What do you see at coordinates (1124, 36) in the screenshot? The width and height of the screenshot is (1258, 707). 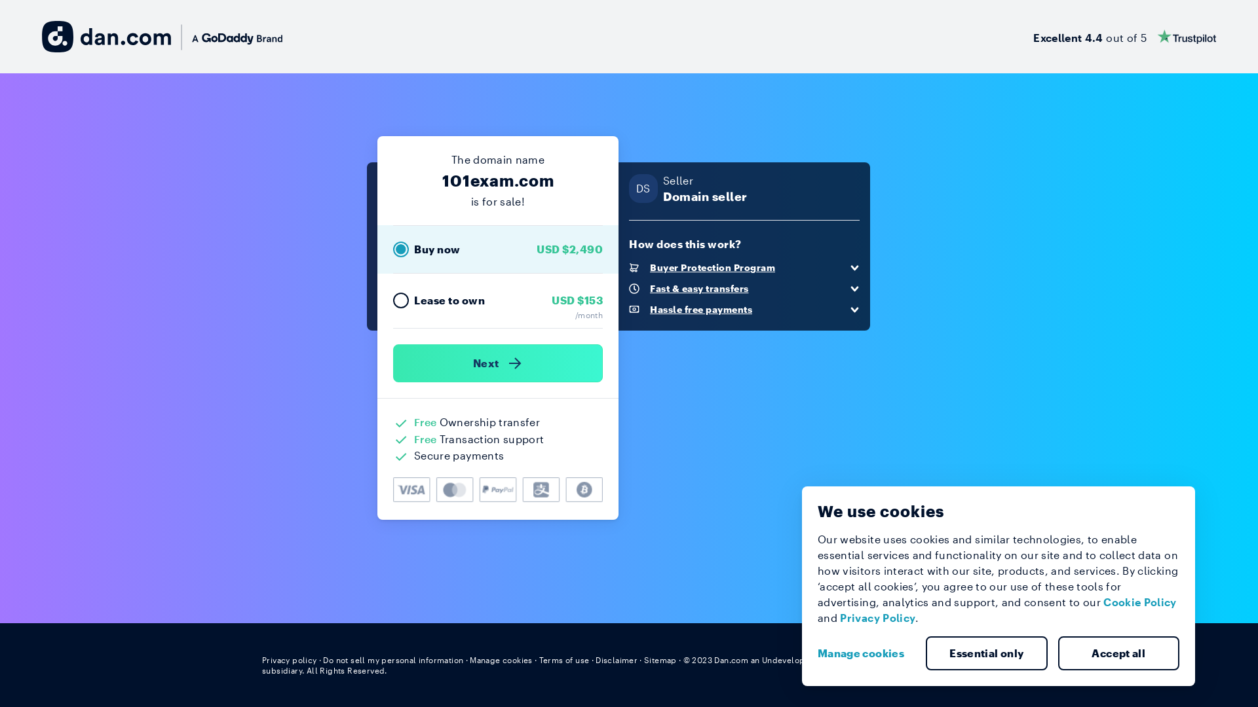 I see `'Excellent 4.4 out of 5'` at bounding box center [1124, 36].